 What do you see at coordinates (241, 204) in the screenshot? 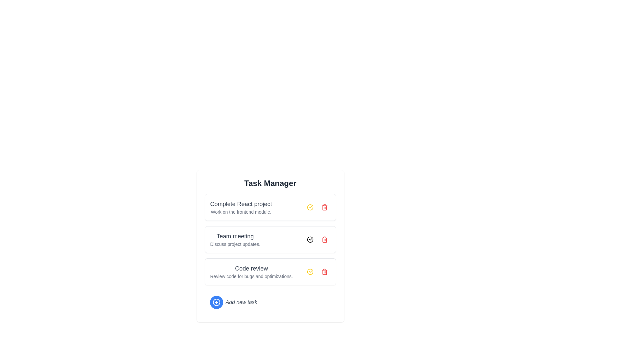
I see `the text label that serves as the title of the first task item in the task management application, positioned above the text 'Work on the frontend module.'` at bounding box center [241, 204].